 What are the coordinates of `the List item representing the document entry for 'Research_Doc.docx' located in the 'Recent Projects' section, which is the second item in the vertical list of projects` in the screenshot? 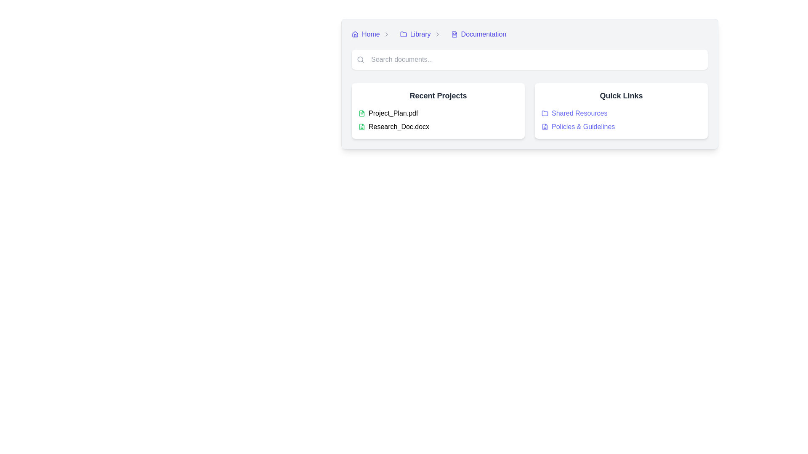 It's located at (438, 127).